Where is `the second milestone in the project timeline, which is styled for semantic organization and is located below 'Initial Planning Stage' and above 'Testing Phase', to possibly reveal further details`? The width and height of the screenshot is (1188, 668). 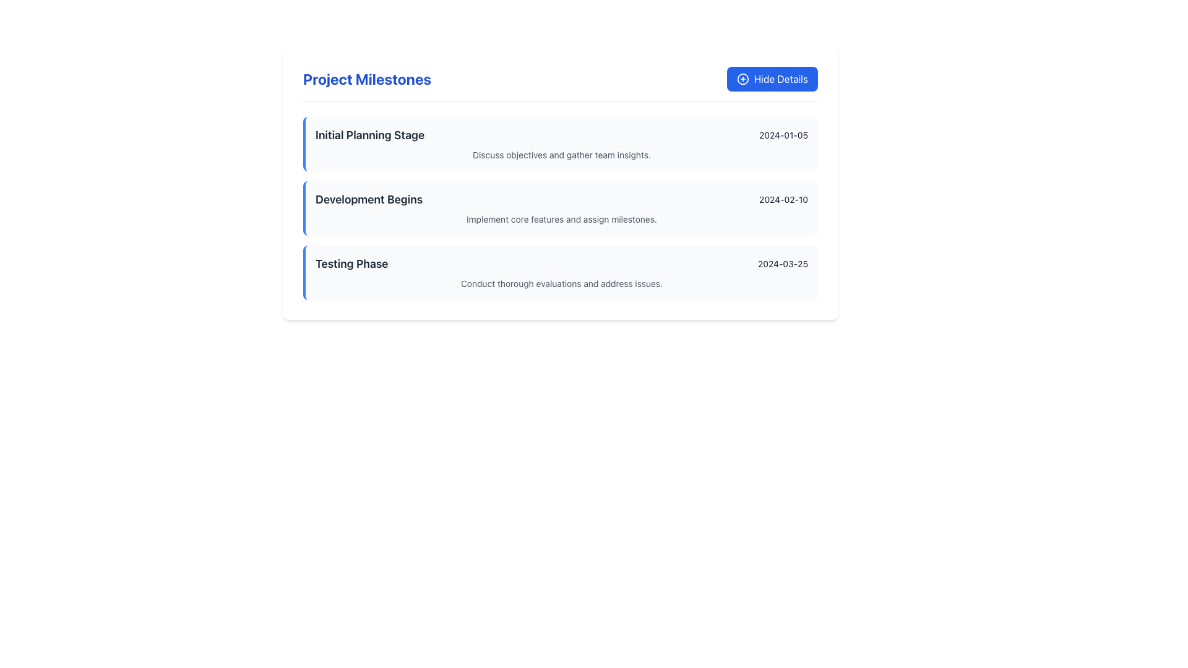 the second milestone in the project timeline, which is styled for semantic organization and is located below 'Initial Planning Stage' and above 'Testing Phase', to possibly reveal further details is located at coordinates (560, 207).